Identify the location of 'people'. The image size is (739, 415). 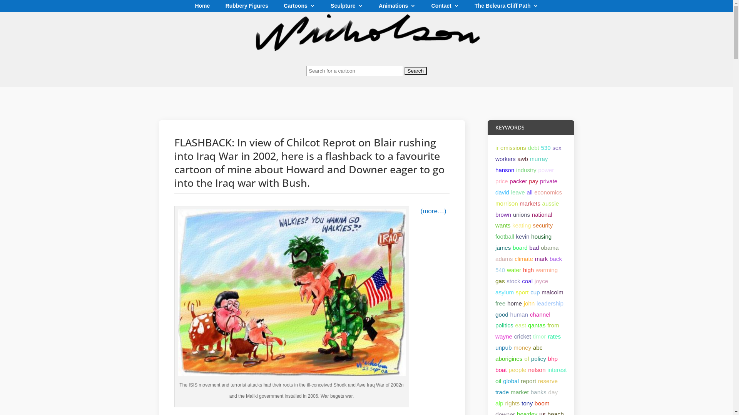
(517, 369).